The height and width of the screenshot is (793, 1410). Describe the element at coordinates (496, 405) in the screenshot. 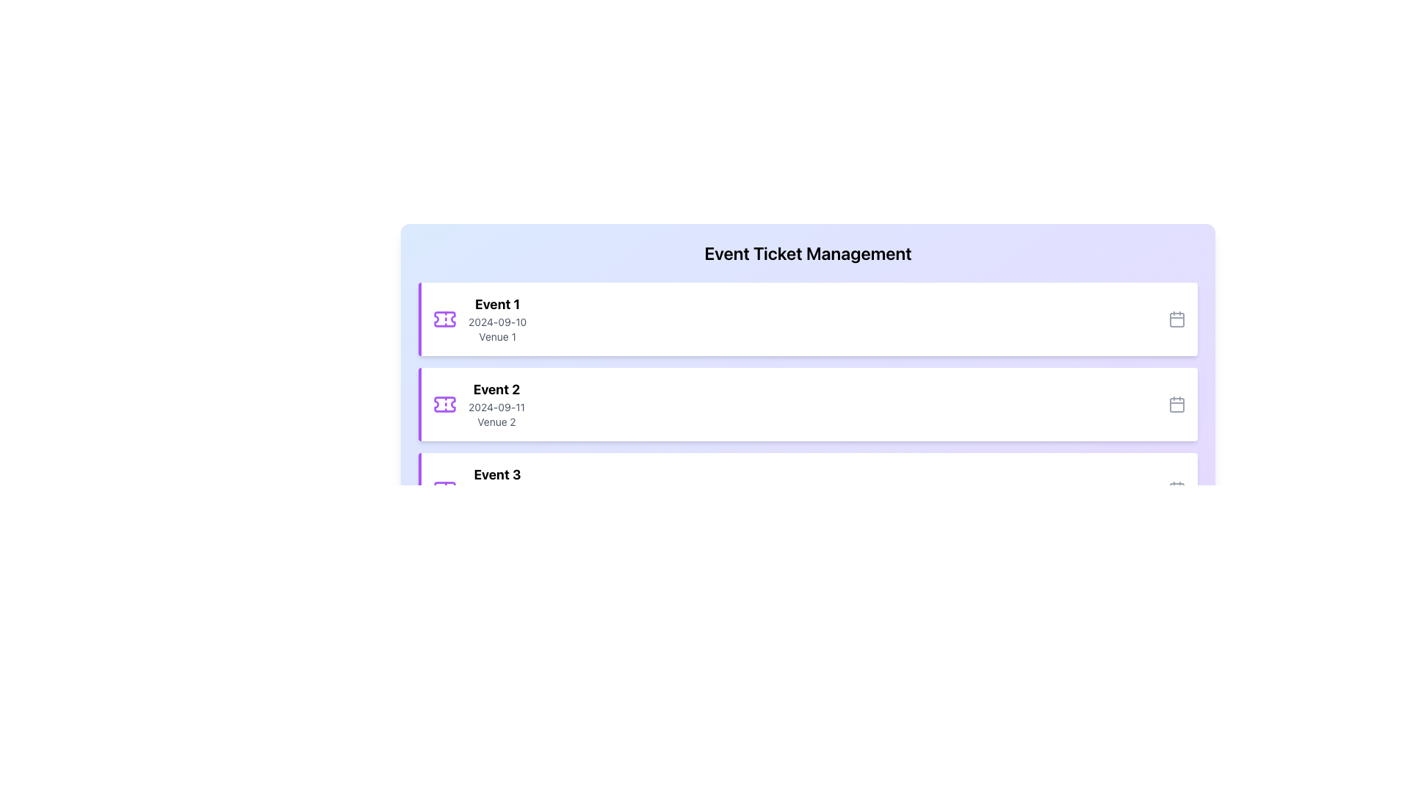

I see `the informational card displaying event details for 'Event 2', which includes the name, date, and venue information, located in the 'Event Ticket Management' section` at that location.